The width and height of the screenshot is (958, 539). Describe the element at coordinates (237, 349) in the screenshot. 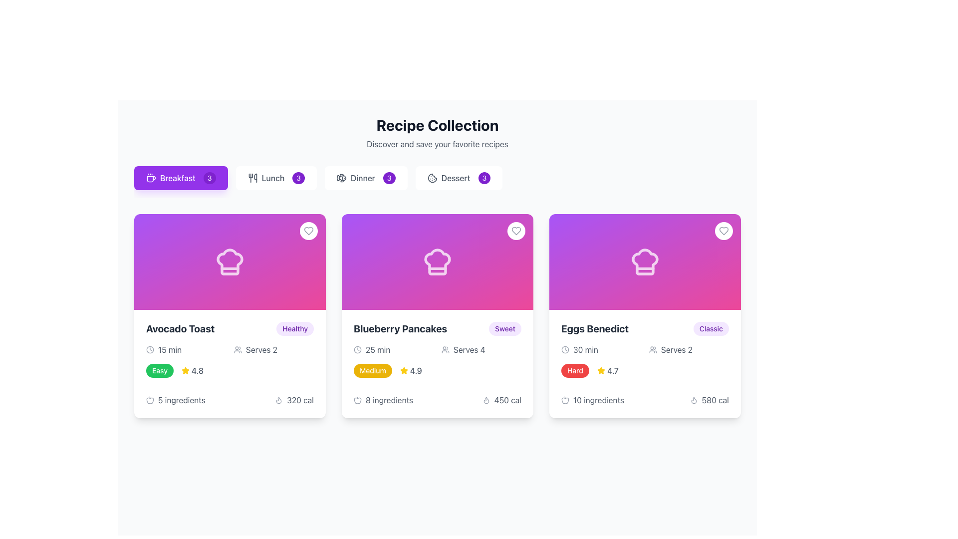

I see `the small group icon representing multiple users, which is located next to the text 'Serves 2' in the 'Avocado Toast' card` at that location.